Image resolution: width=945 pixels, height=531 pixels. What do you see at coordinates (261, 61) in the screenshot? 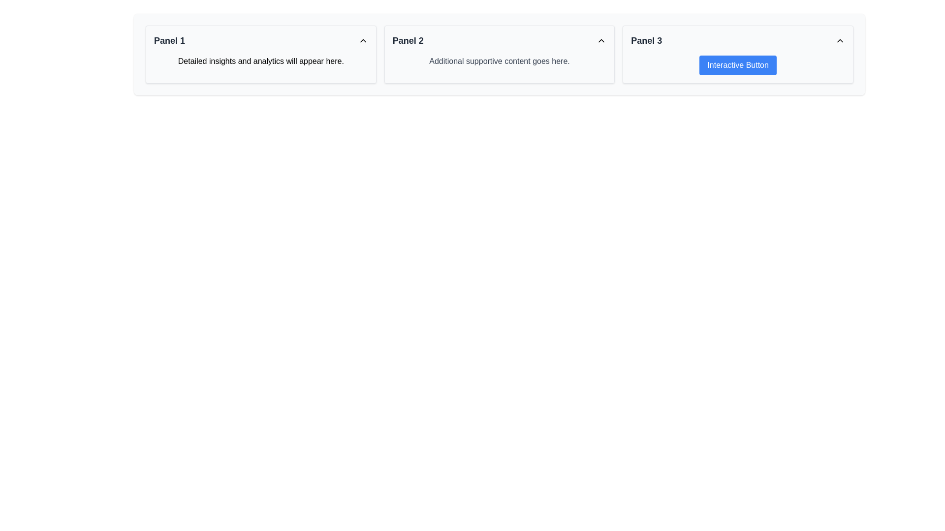
I see `the Static Text element that indicates analytical details will be displayed in Panel 1, located at the lower portion of the panel` at bounding box center [261, 61].